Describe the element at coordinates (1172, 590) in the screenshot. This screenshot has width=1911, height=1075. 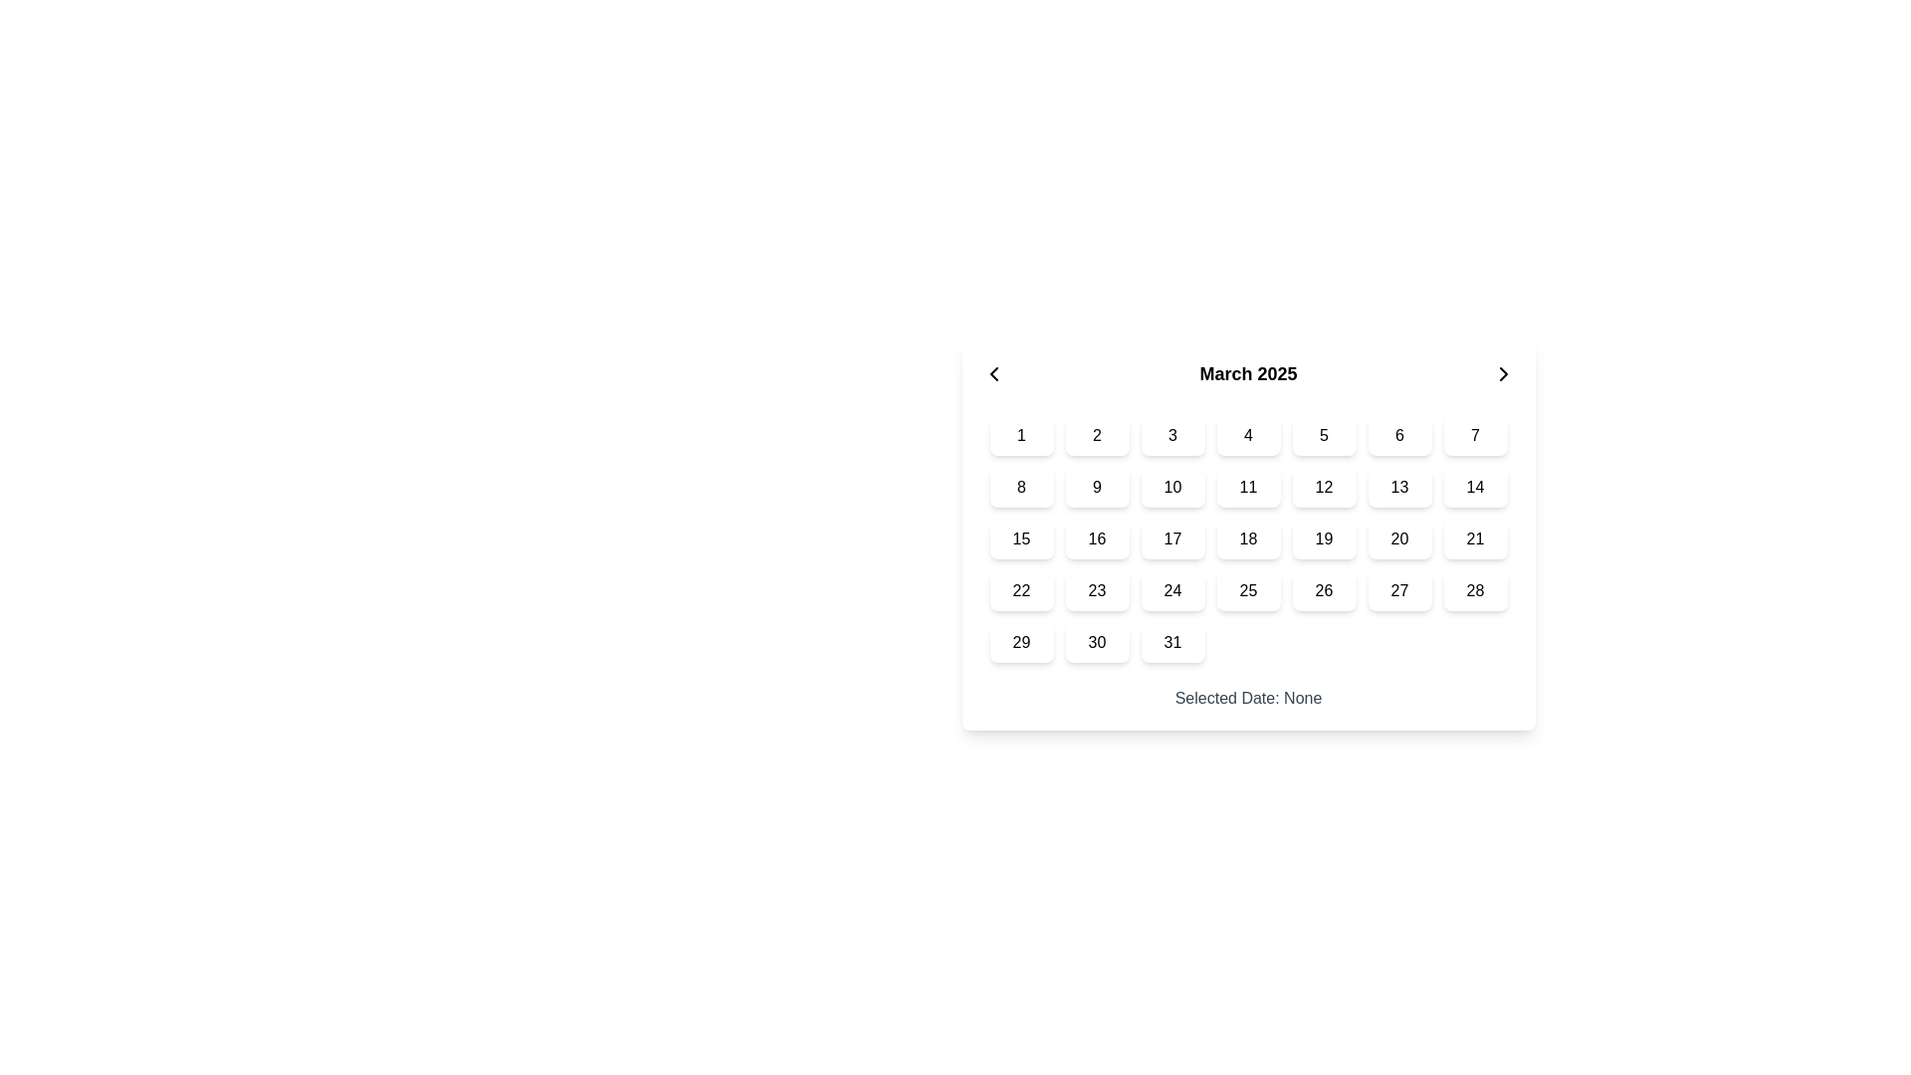
I see `the rounded rectangle button with a white background and centered text '24'` at that location.